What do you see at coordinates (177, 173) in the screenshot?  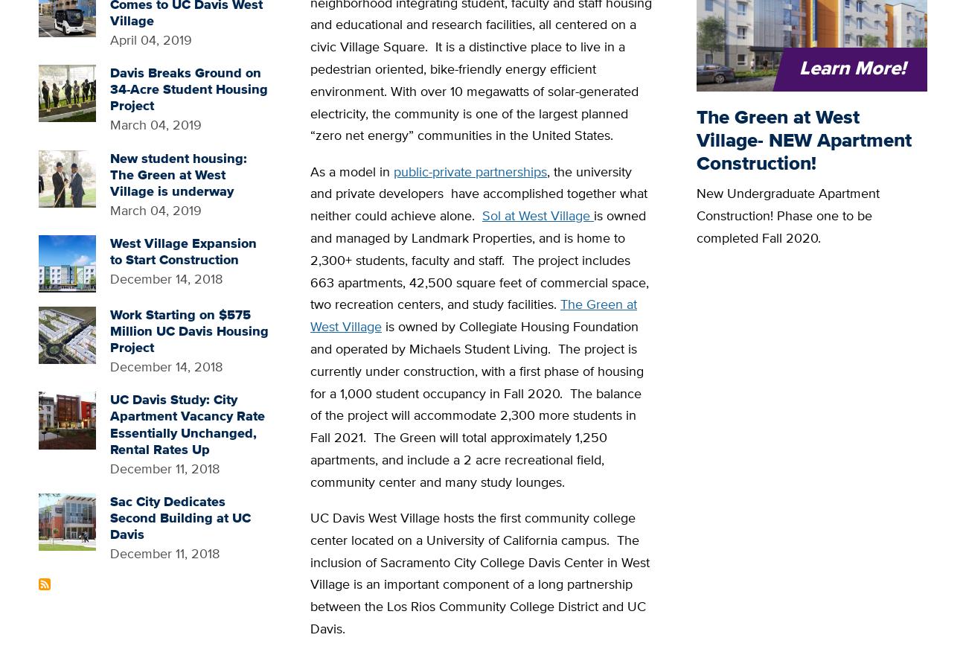 I see `'New student housing: The Green at West Village is underway'` at bounding box center [177, 173].